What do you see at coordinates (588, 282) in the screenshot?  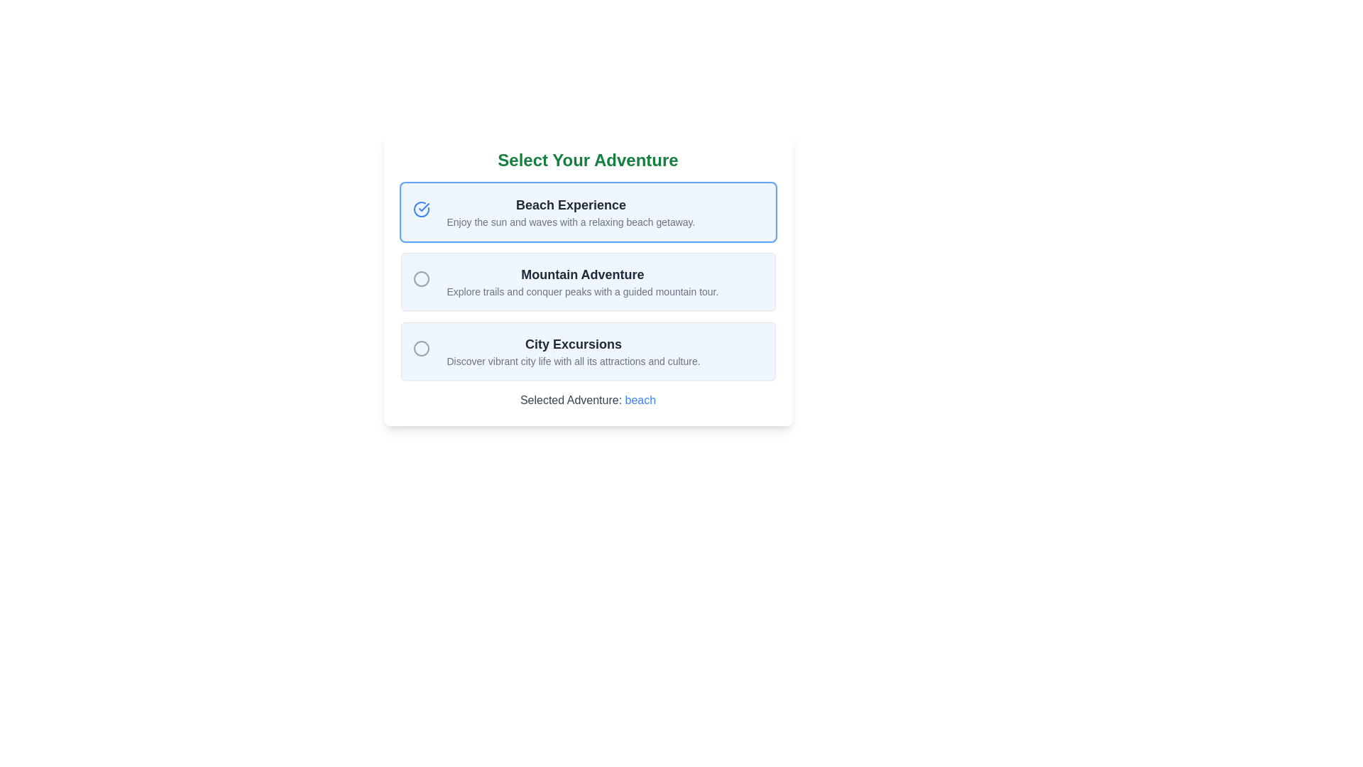 I see `the 'Mountain Adventure' option in the interactive list` at bounding box center [588, 282].